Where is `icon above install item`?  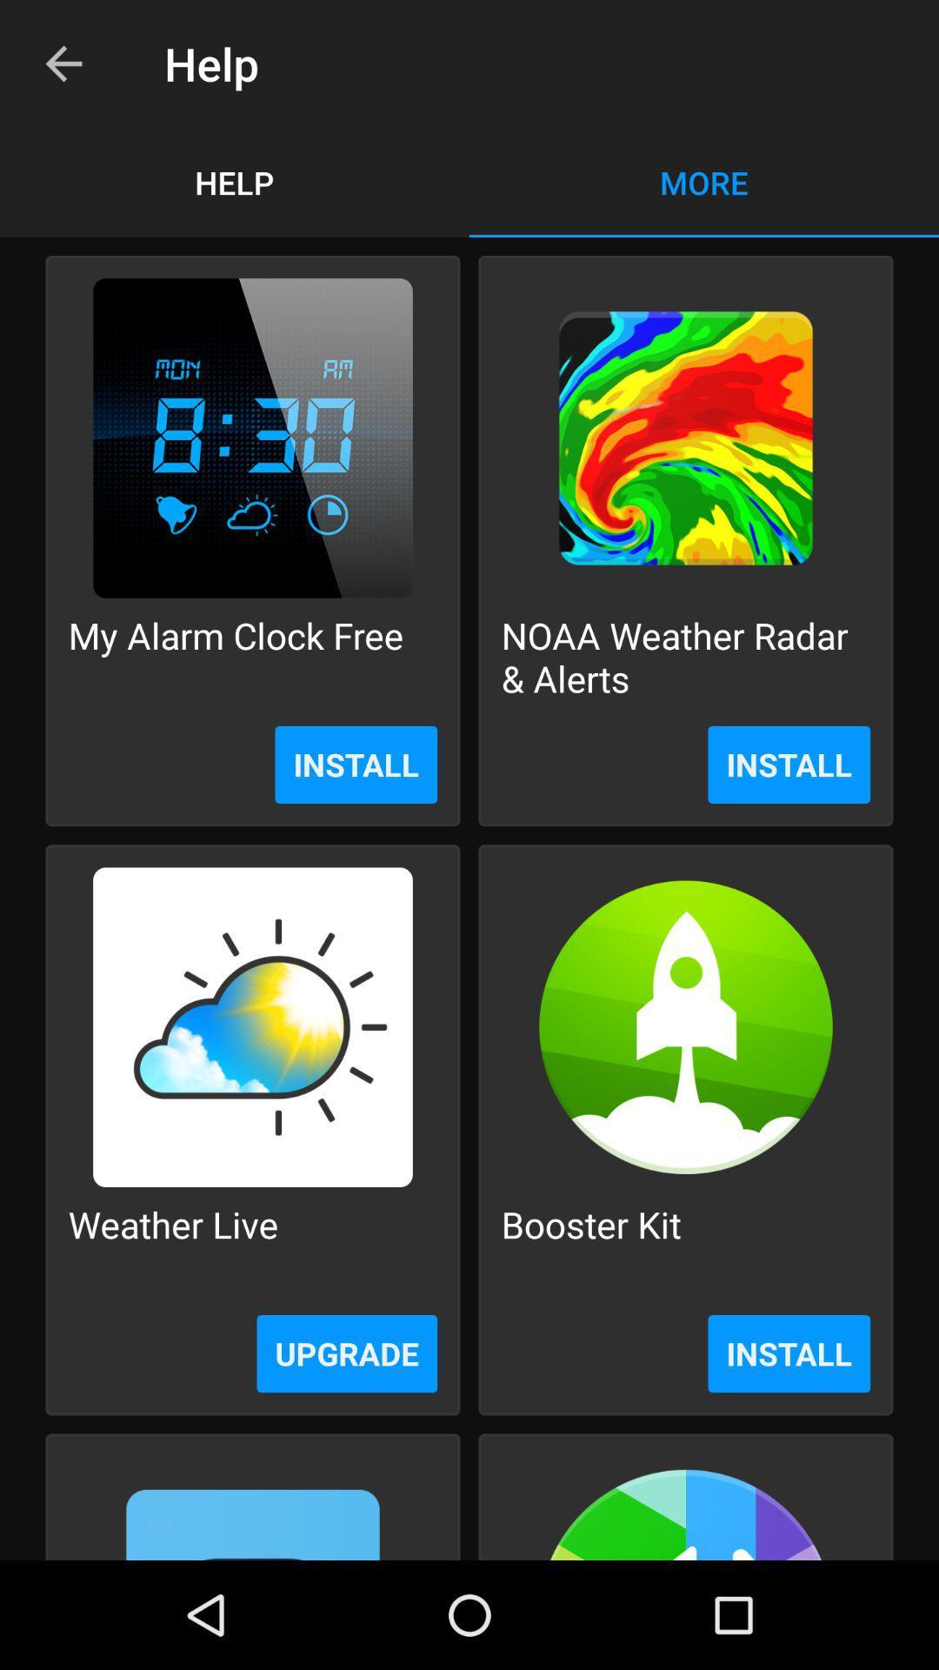
icon above install item is located at coordinates (236, 656).